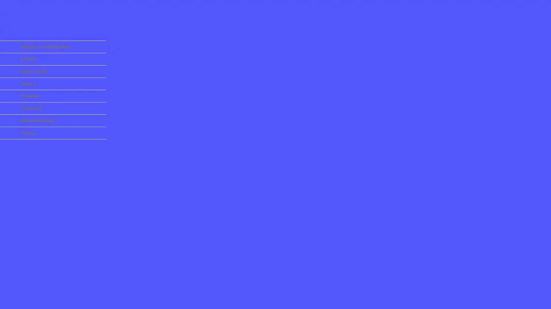  I want to click on U+00B6, so click(126, 245).